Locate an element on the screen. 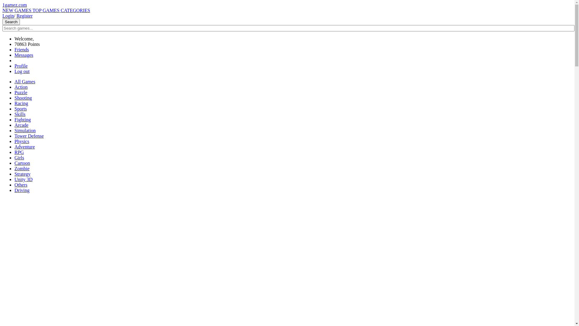 The height and width of the screenshot is (326, 579). 'Log out' is located at coordinates (22, 71).